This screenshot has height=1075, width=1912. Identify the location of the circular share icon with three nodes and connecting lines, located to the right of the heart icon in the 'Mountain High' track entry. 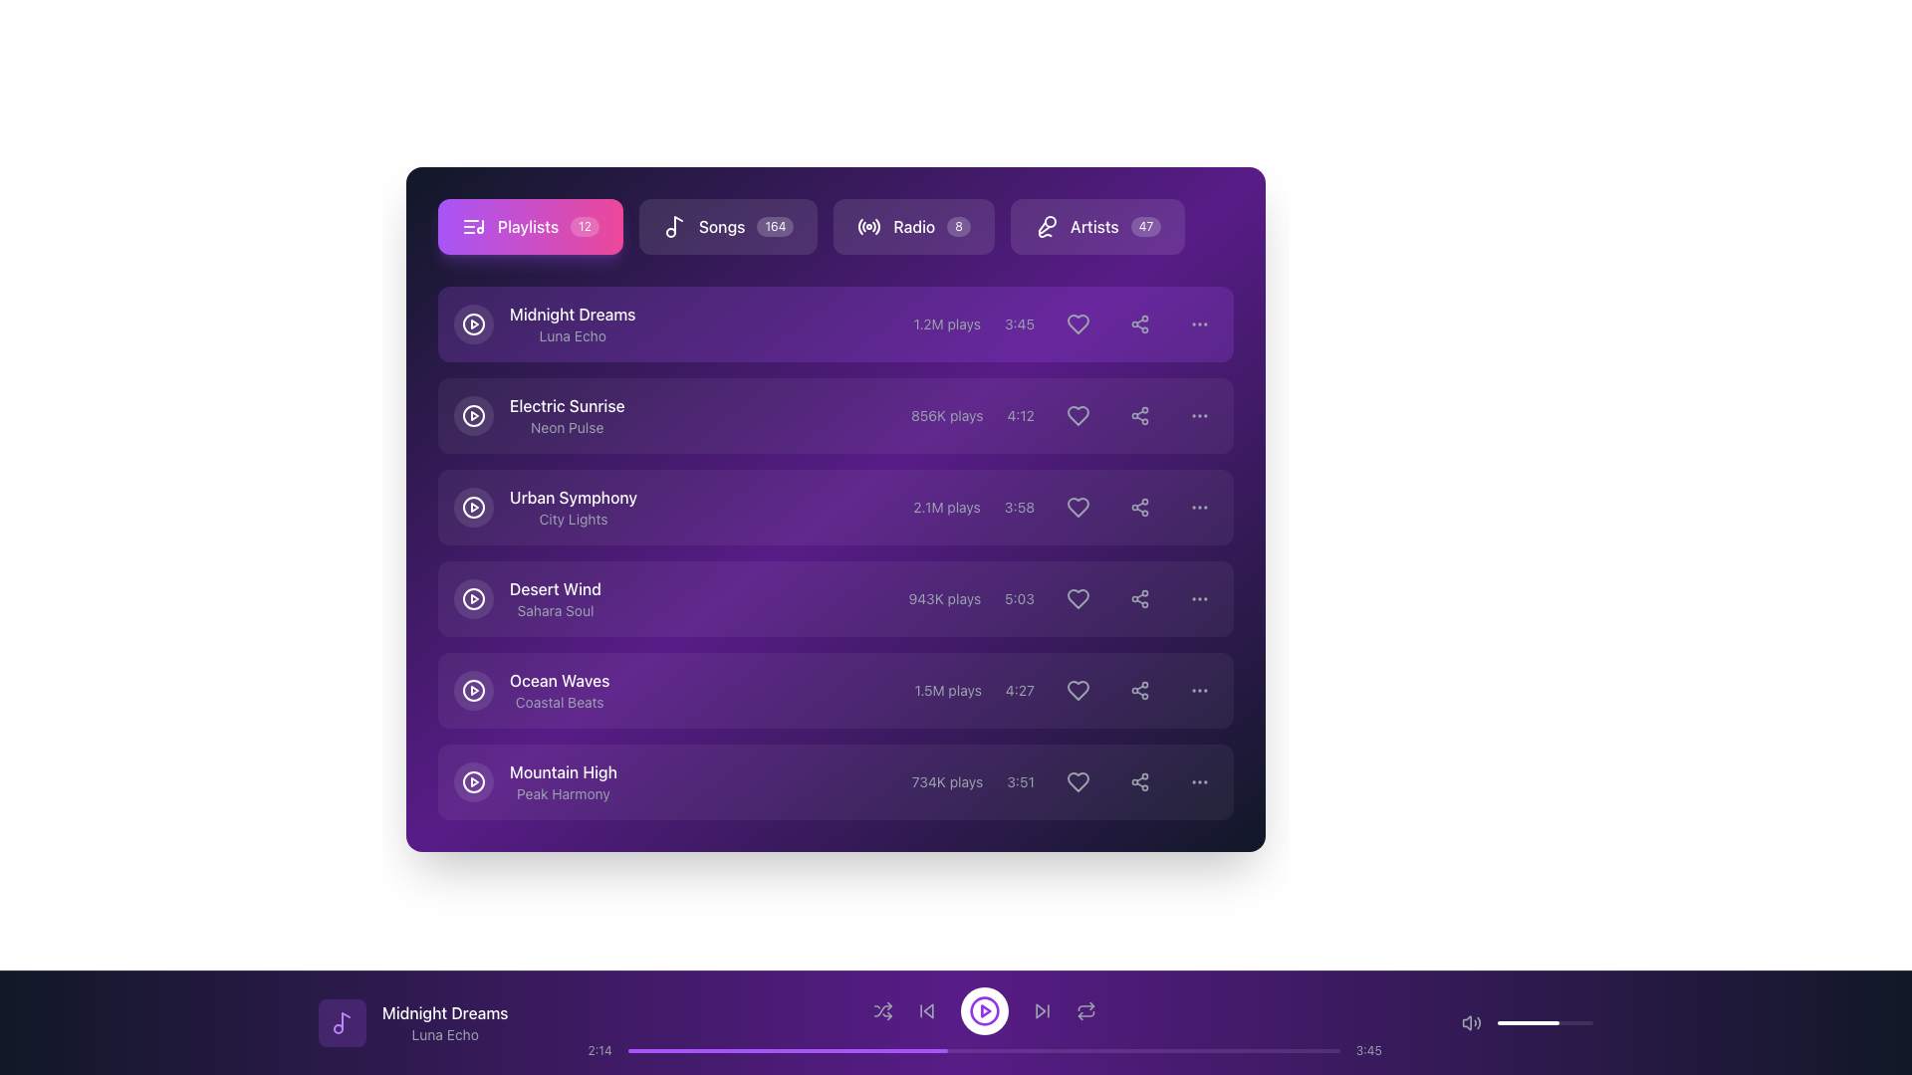
(1140, 781).